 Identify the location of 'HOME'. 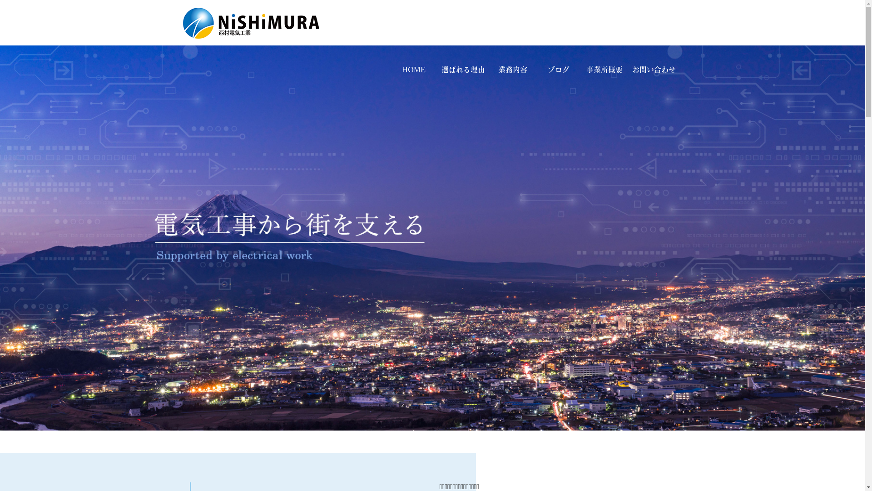
(413, 69).